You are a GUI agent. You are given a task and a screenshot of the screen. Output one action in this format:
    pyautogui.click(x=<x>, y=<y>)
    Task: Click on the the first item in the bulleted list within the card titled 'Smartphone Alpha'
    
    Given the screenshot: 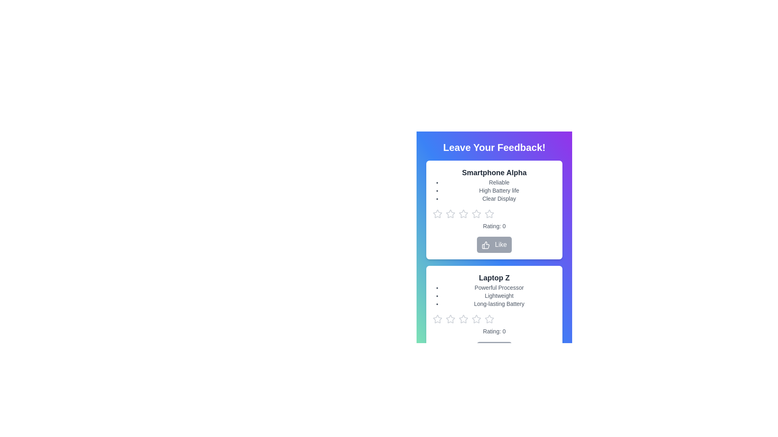 What is the action you would take?
    pyautogui.click(x=499, y=182)
    